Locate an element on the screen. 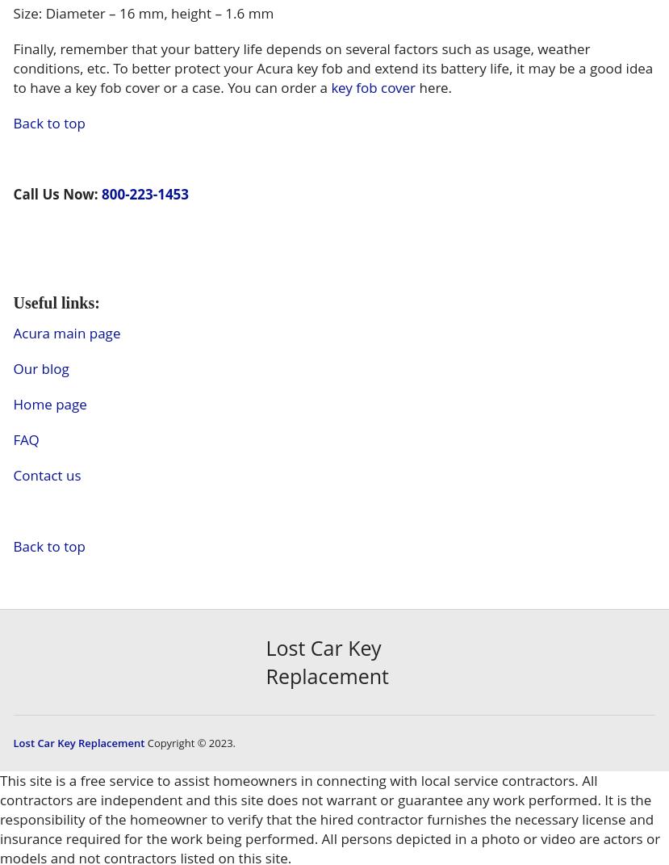 The image size is (669, 865). 'Contact us' is located at coordinates (46, 474).